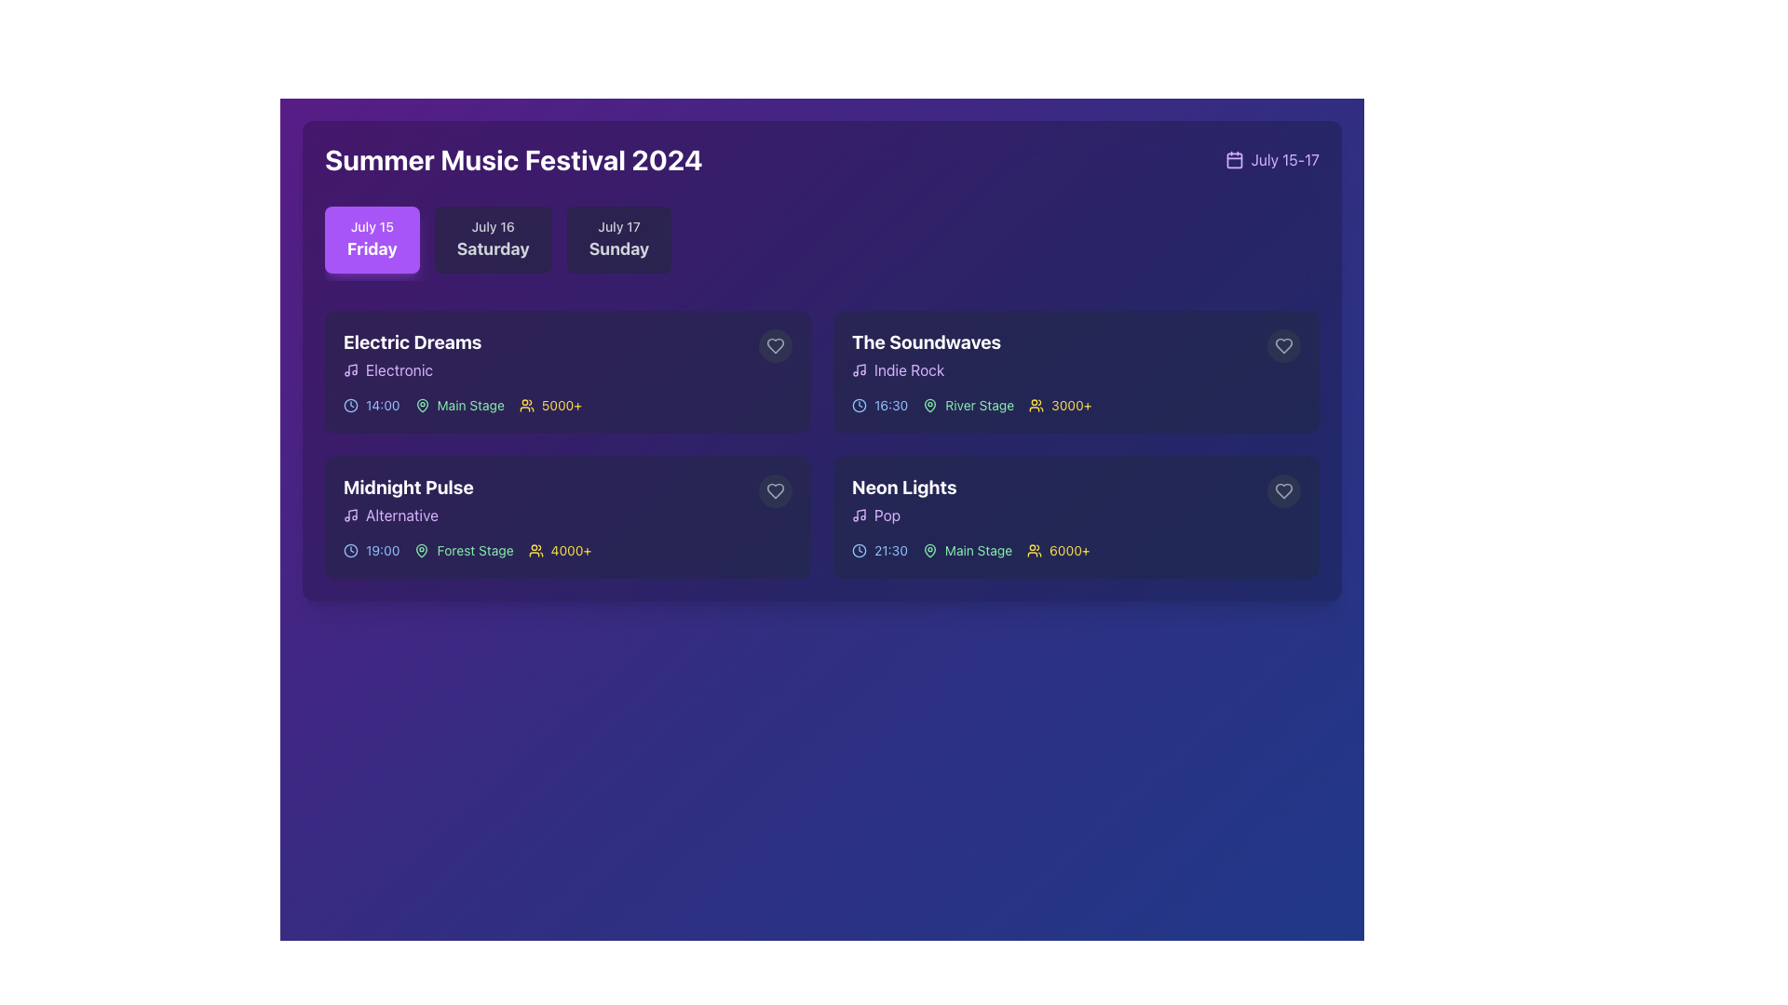  I want to click on the map location marker icon located before the 'Main Stage' text, so click(929, 549).